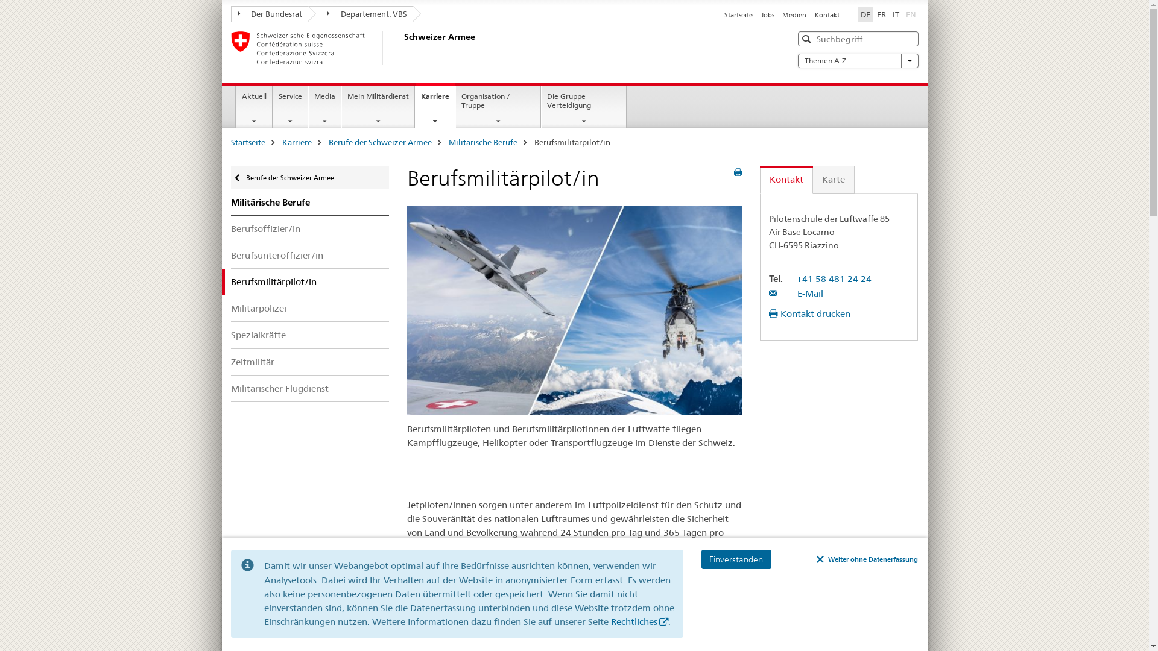 Image resolution: width=1158 pixels, height=651 pixels. What do you see at coordinates (896, 14) in the screenshot?
I see `'IT'` at bounding box center [896, 14].